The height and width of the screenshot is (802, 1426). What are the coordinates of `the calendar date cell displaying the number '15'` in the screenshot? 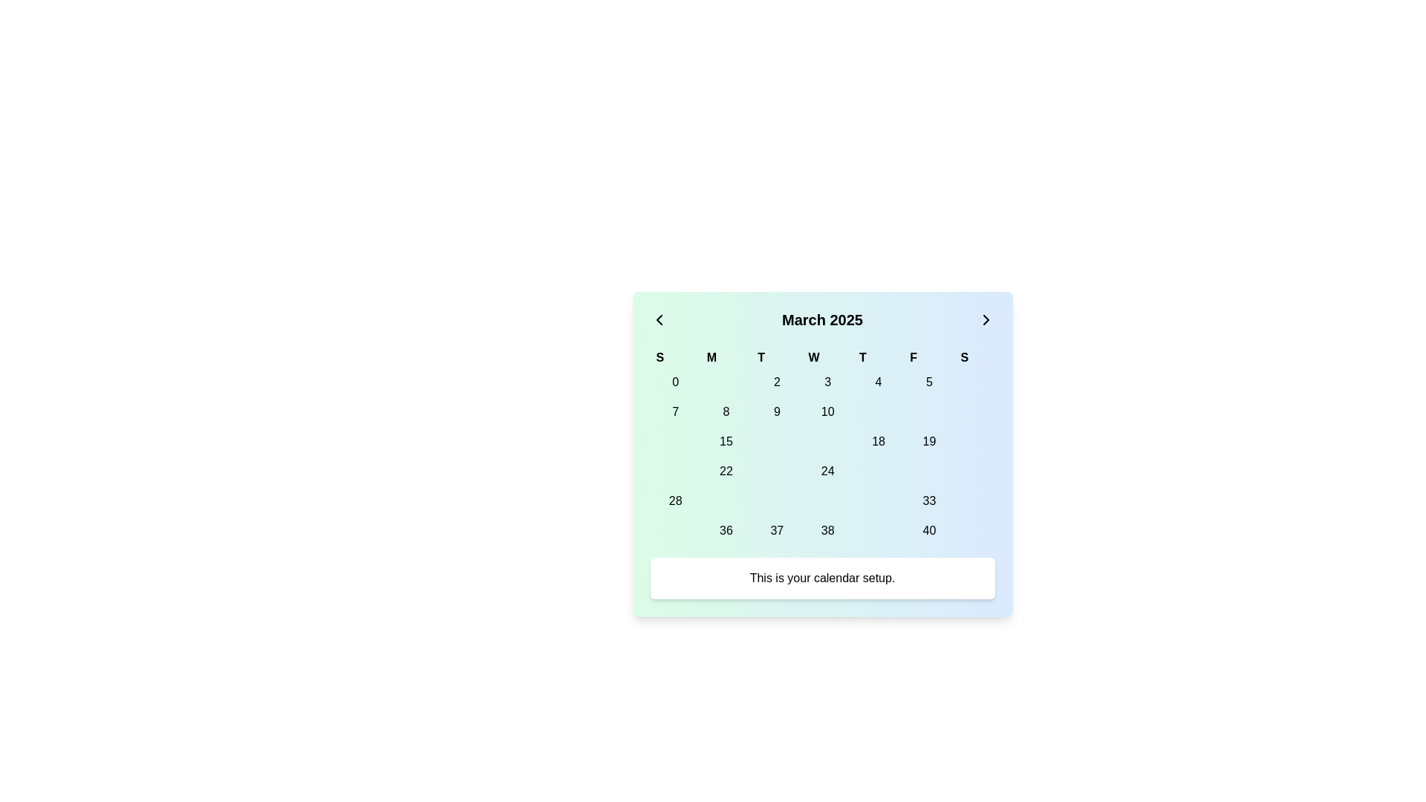 It's located at (726, 440).